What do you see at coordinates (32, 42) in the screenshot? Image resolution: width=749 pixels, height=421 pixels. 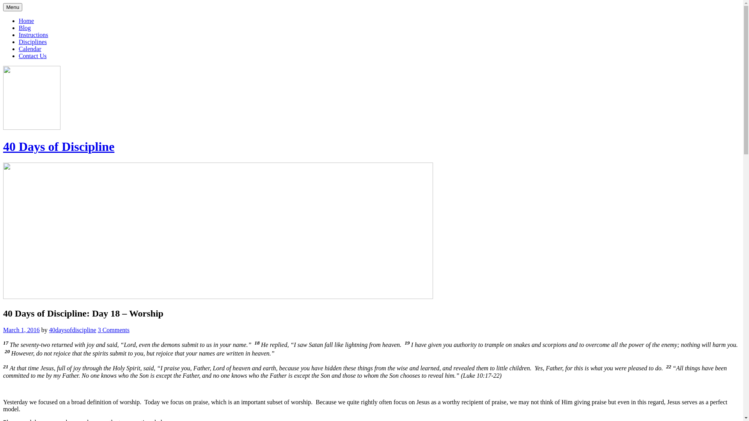 I see `'Disciplines'` at bounding box center [32, 42].